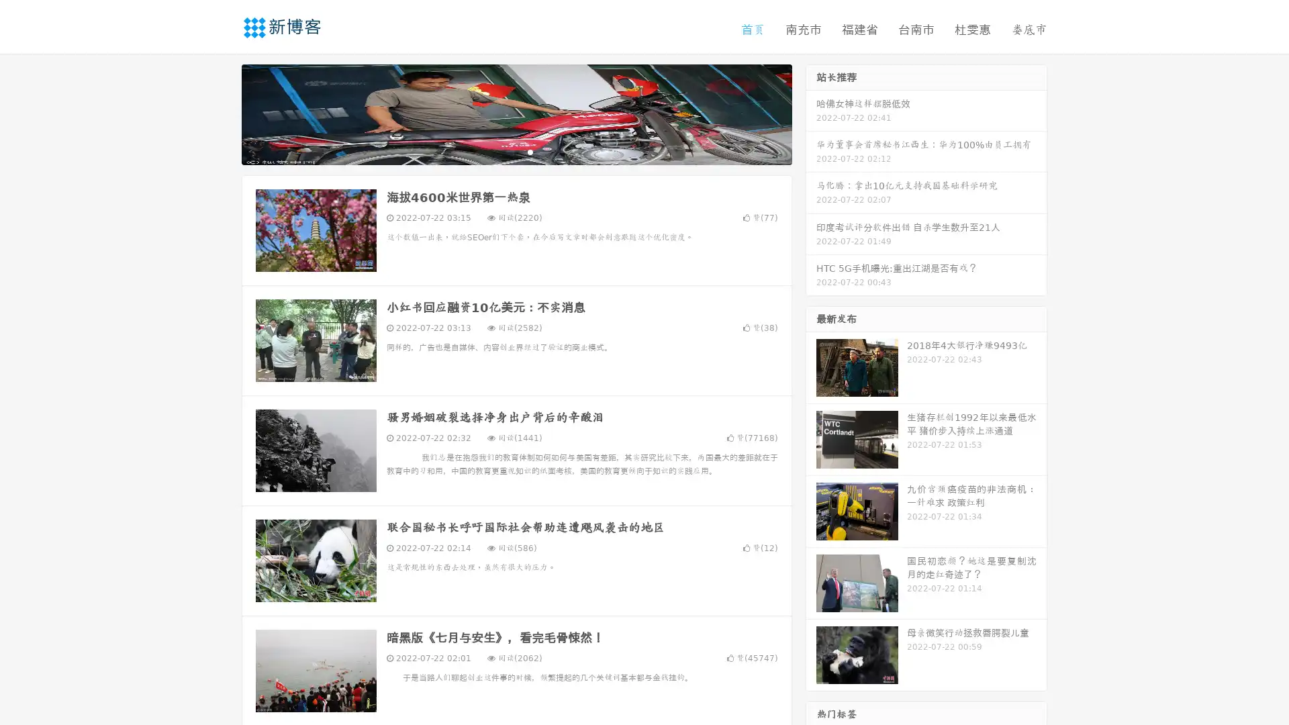 Image resolution: width=1289 pixels, height=725 pixels. What do you see at coordinates (516, 151) in the screenshot?
I see `Go to slide 2` at bounding box center [516, 151].